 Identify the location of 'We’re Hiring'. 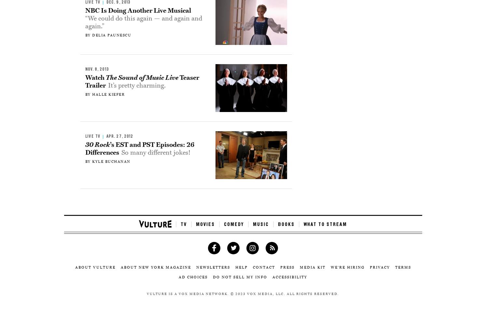
(347, 267).